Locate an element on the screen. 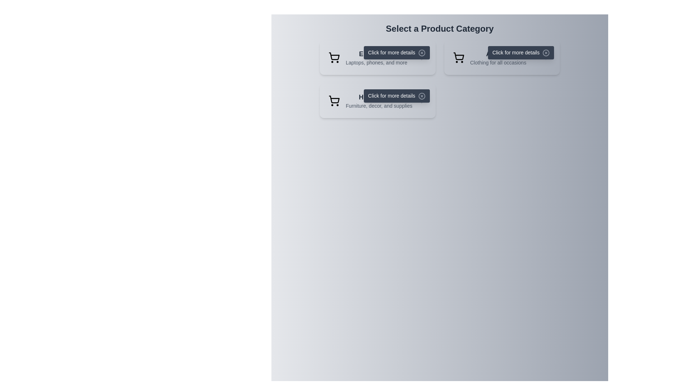  the prominent title element displaying 'Select a Product Category', which is located at the top-center of the interface is located at coordinates (439, 28).